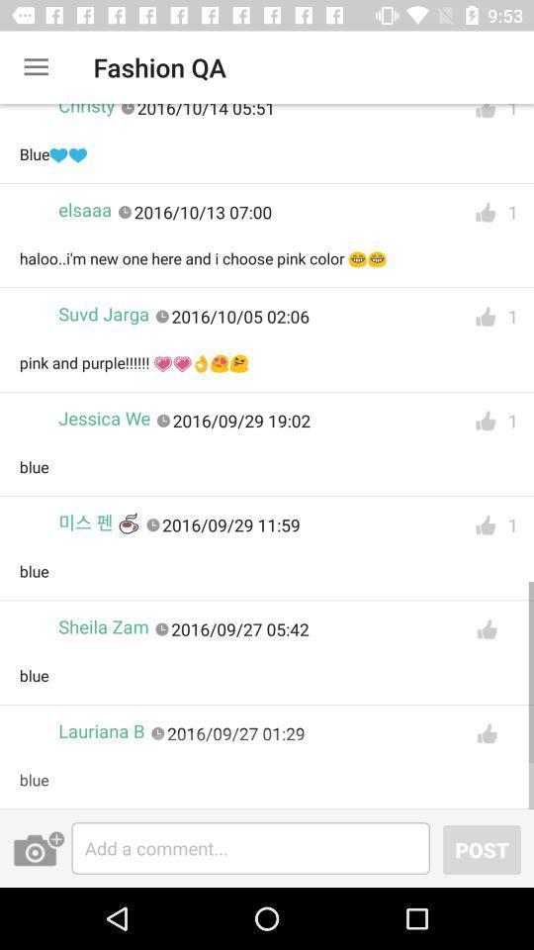 The width and height of the screenshot is (534, 950). I want to click on like comment, so click(485, 524).